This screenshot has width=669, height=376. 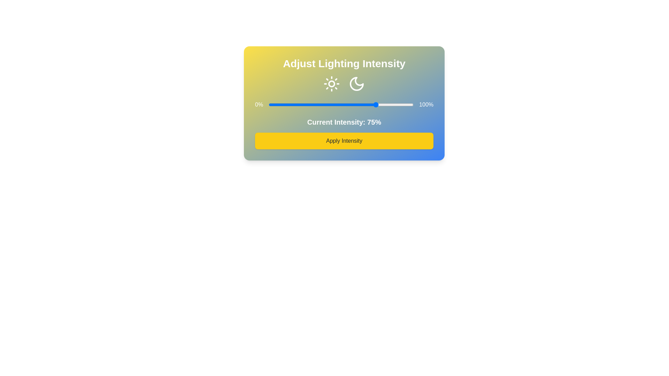 I want to click on the 'Apply Intensity' button, so click(x=344, y=141).